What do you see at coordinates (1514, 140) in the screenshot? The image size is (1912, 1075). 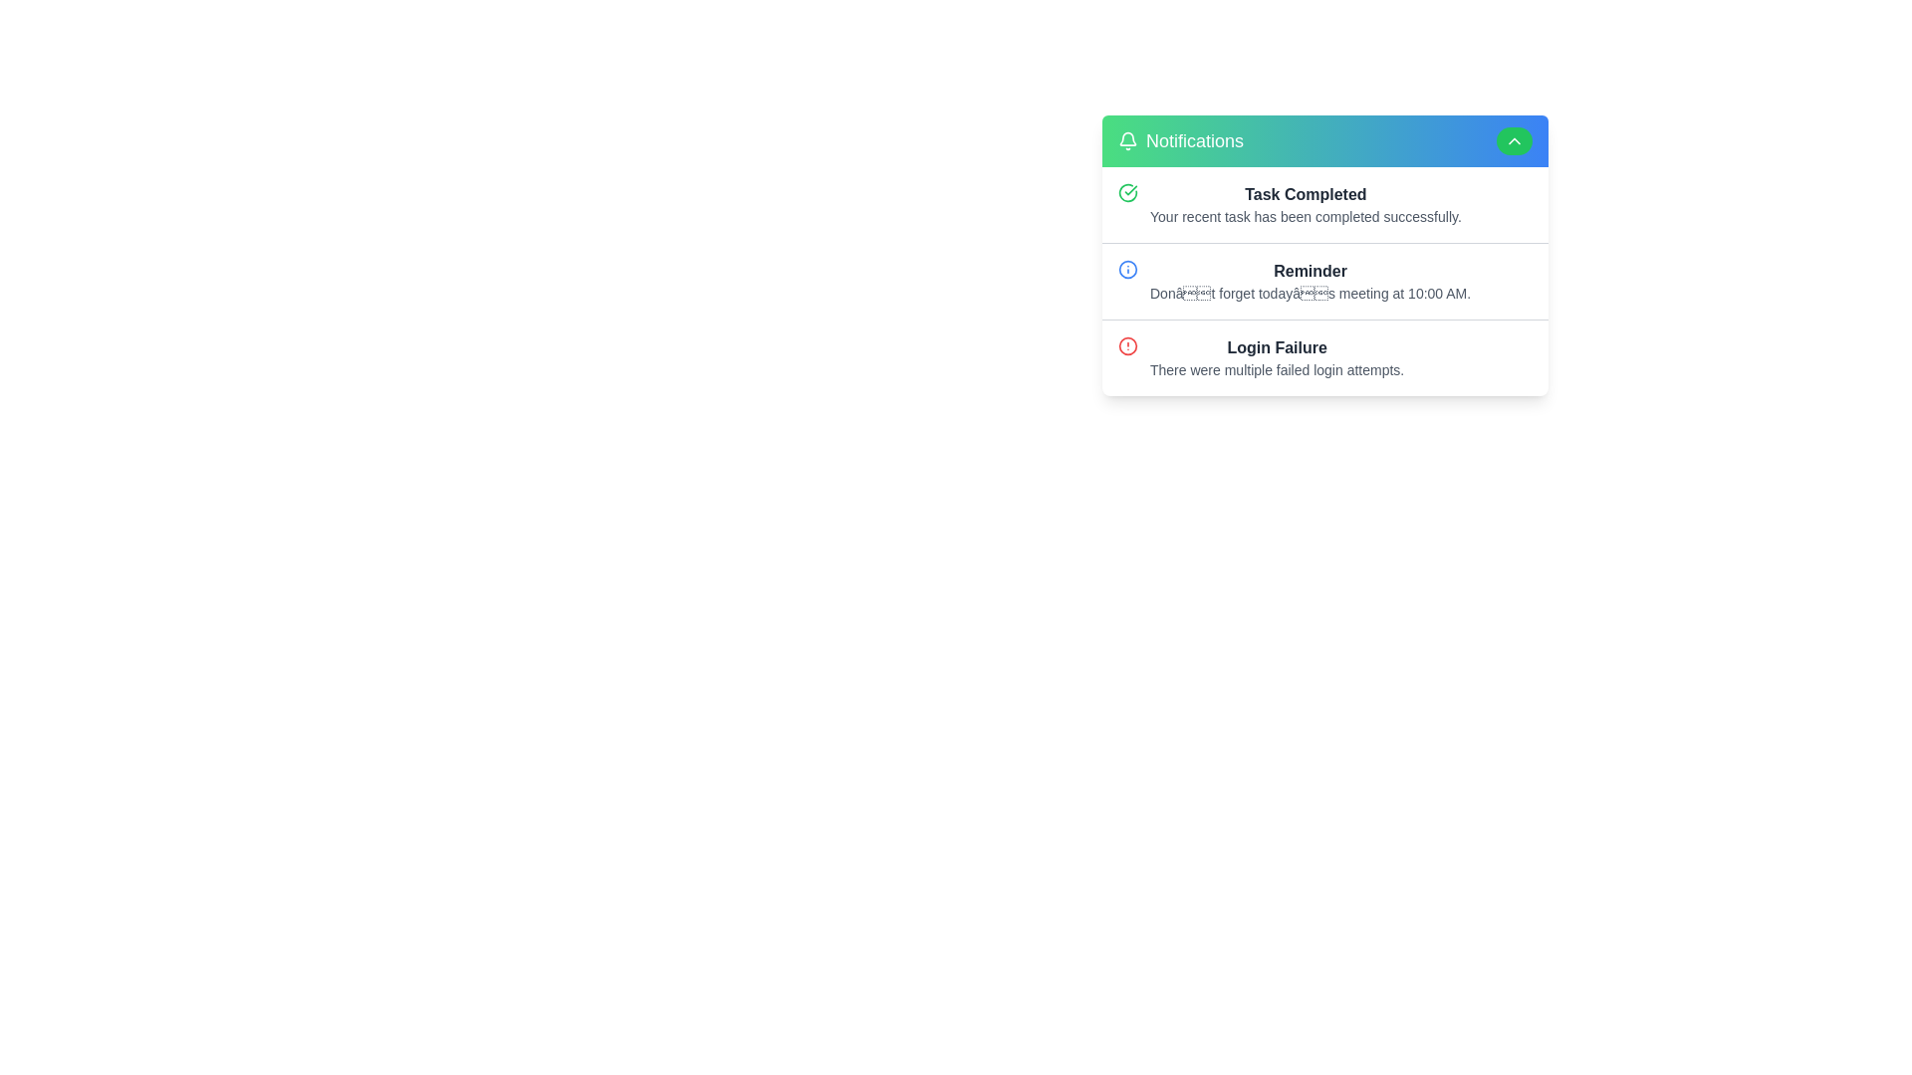 I see `the chevron icon located in the upper-right corner of the notification panel` at bounding box center [1514, 140].